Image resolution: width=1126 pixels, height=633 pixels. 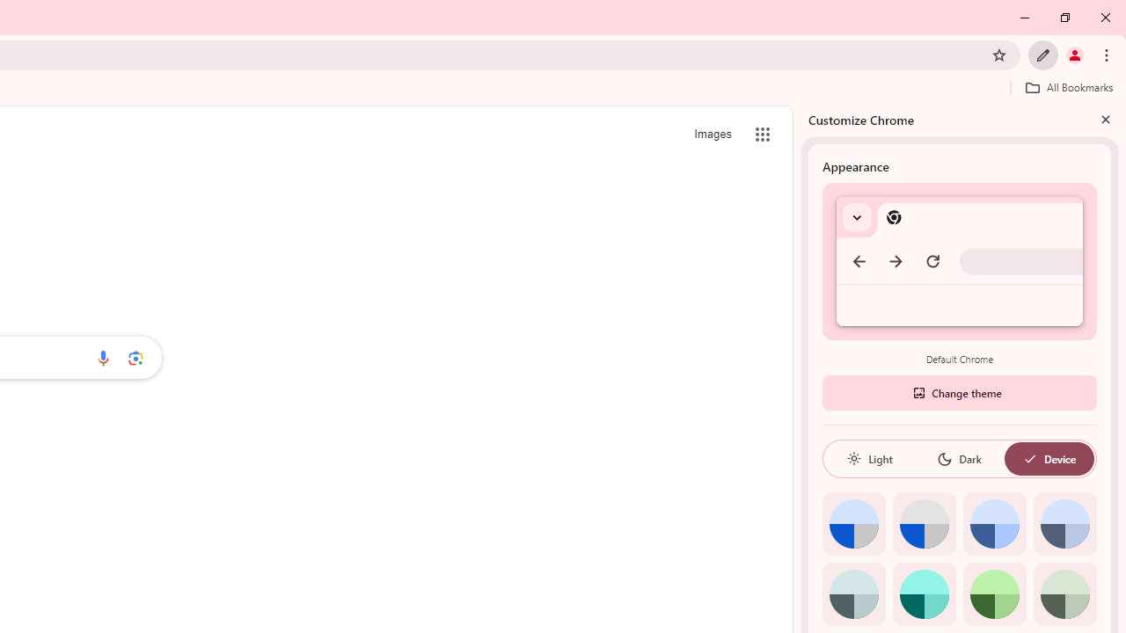 I want to click on 'Default color', so click(x=853, y=523).